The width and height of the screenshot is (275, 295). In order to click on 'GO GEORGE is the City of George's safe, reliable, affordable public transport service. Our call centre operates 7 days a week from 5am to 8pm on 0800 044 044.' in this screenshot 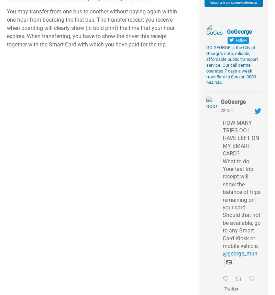, I will do `click(232, 65)`.